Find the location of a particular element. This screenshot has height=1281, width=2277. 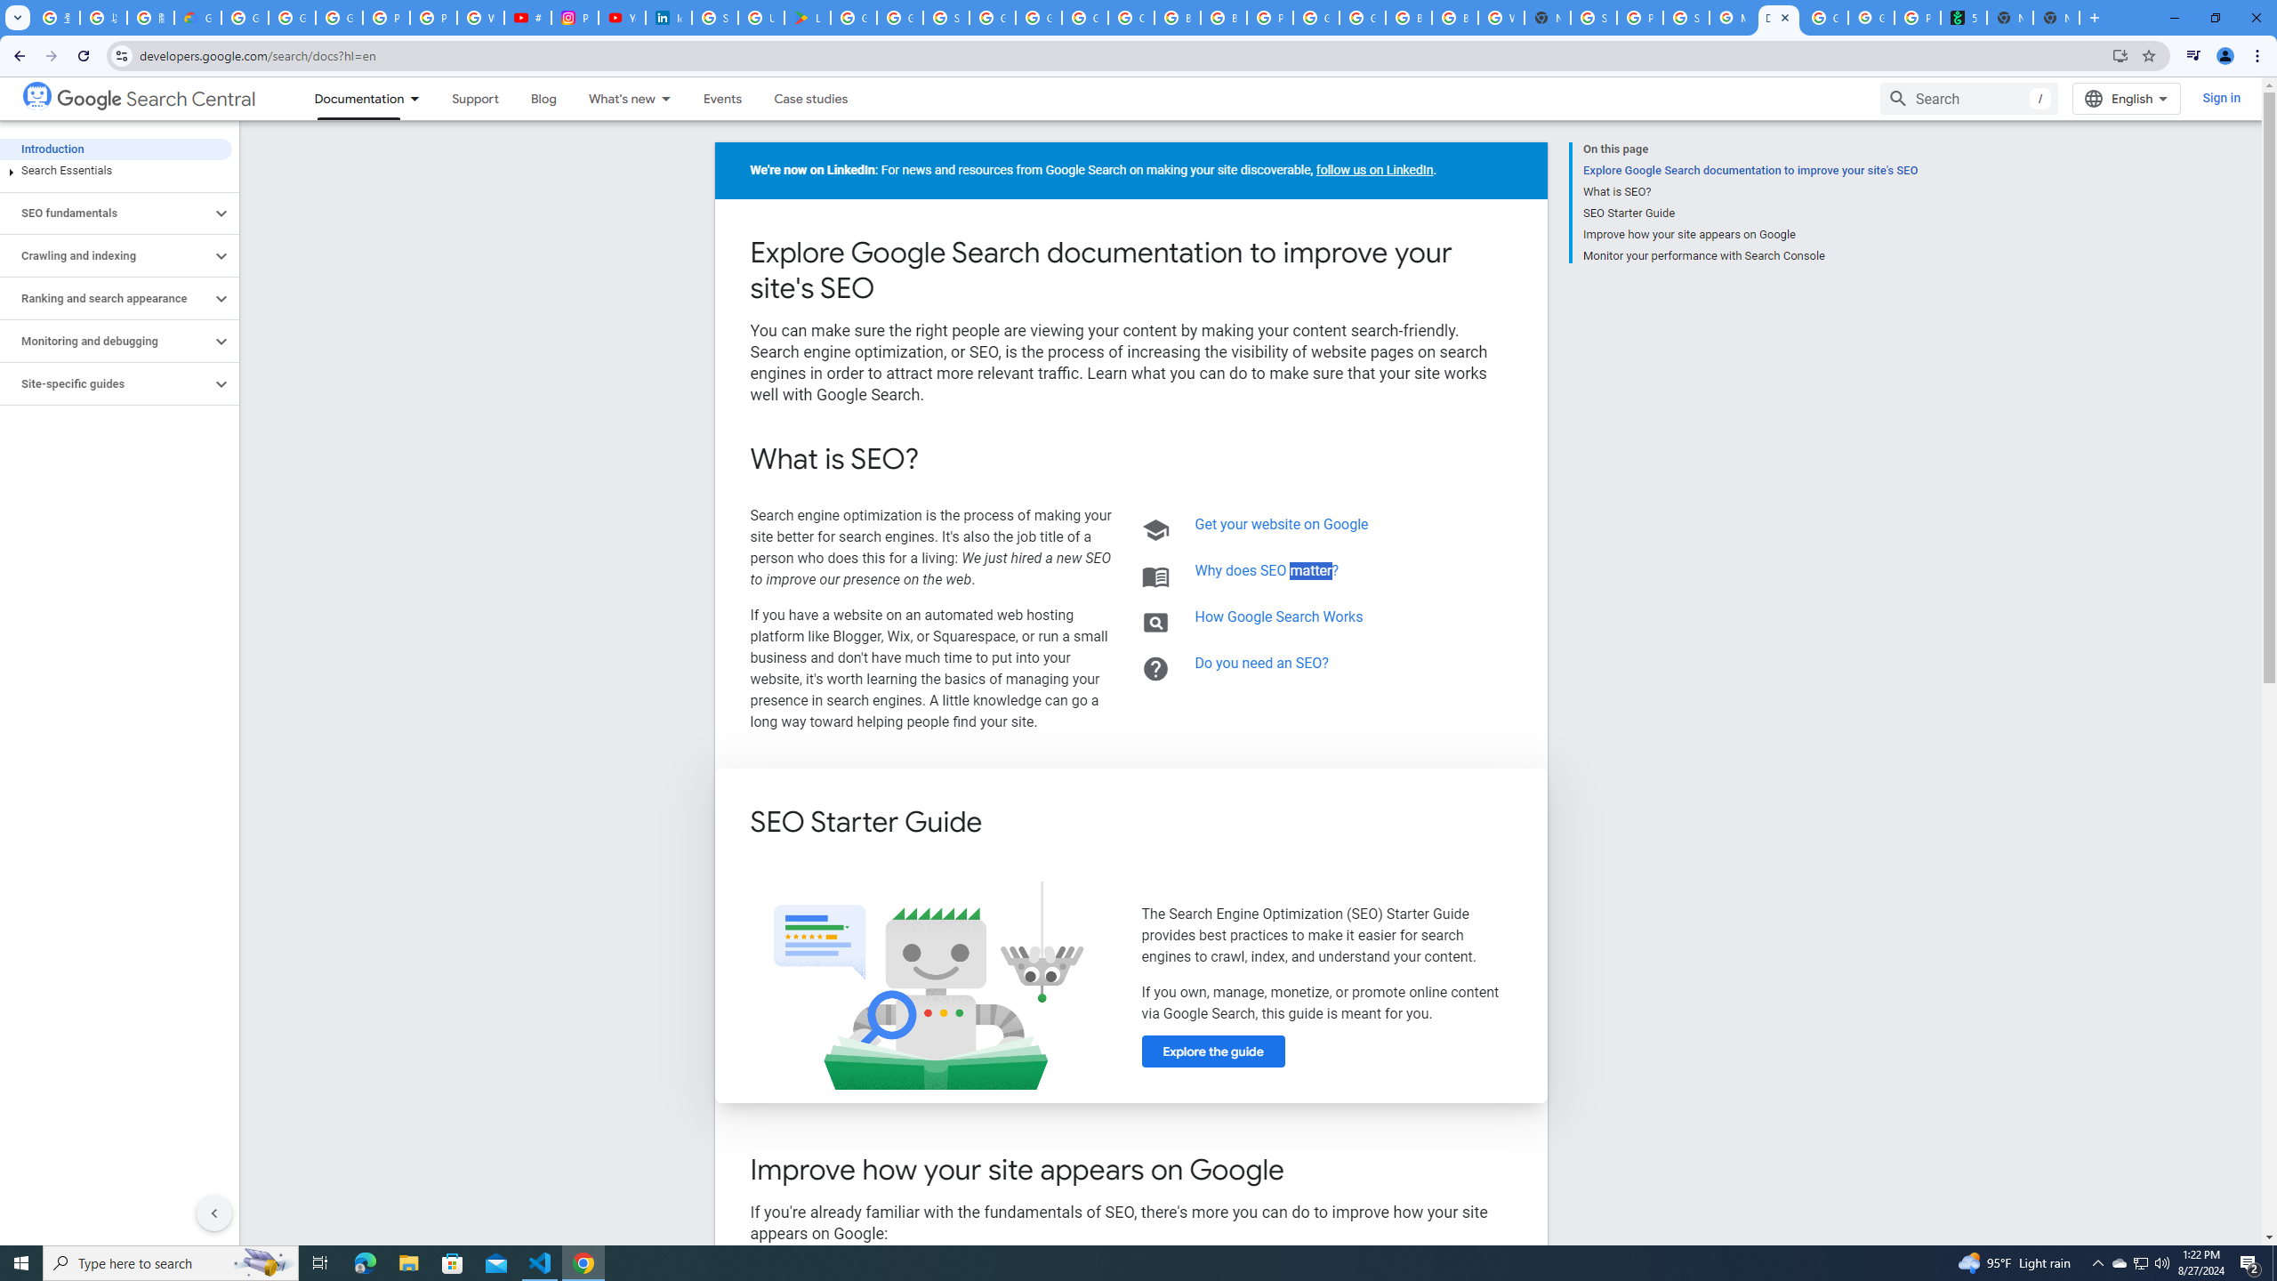

'What is SEO?' is located at coordinates (1749, 191).